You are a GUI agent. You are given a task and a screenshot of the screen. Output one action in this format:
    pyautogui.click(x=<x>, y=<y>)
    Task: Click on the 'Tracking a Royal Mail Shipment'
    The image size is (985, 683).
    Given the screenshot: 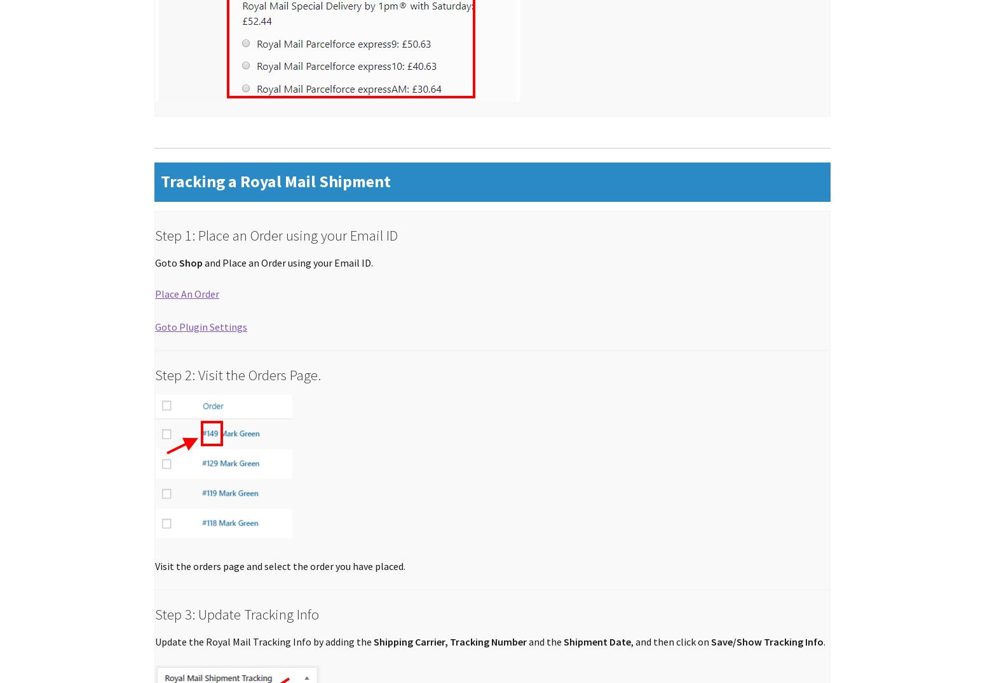 What is the action you would take?
    pyautogui.click(x=276, y=181)
    